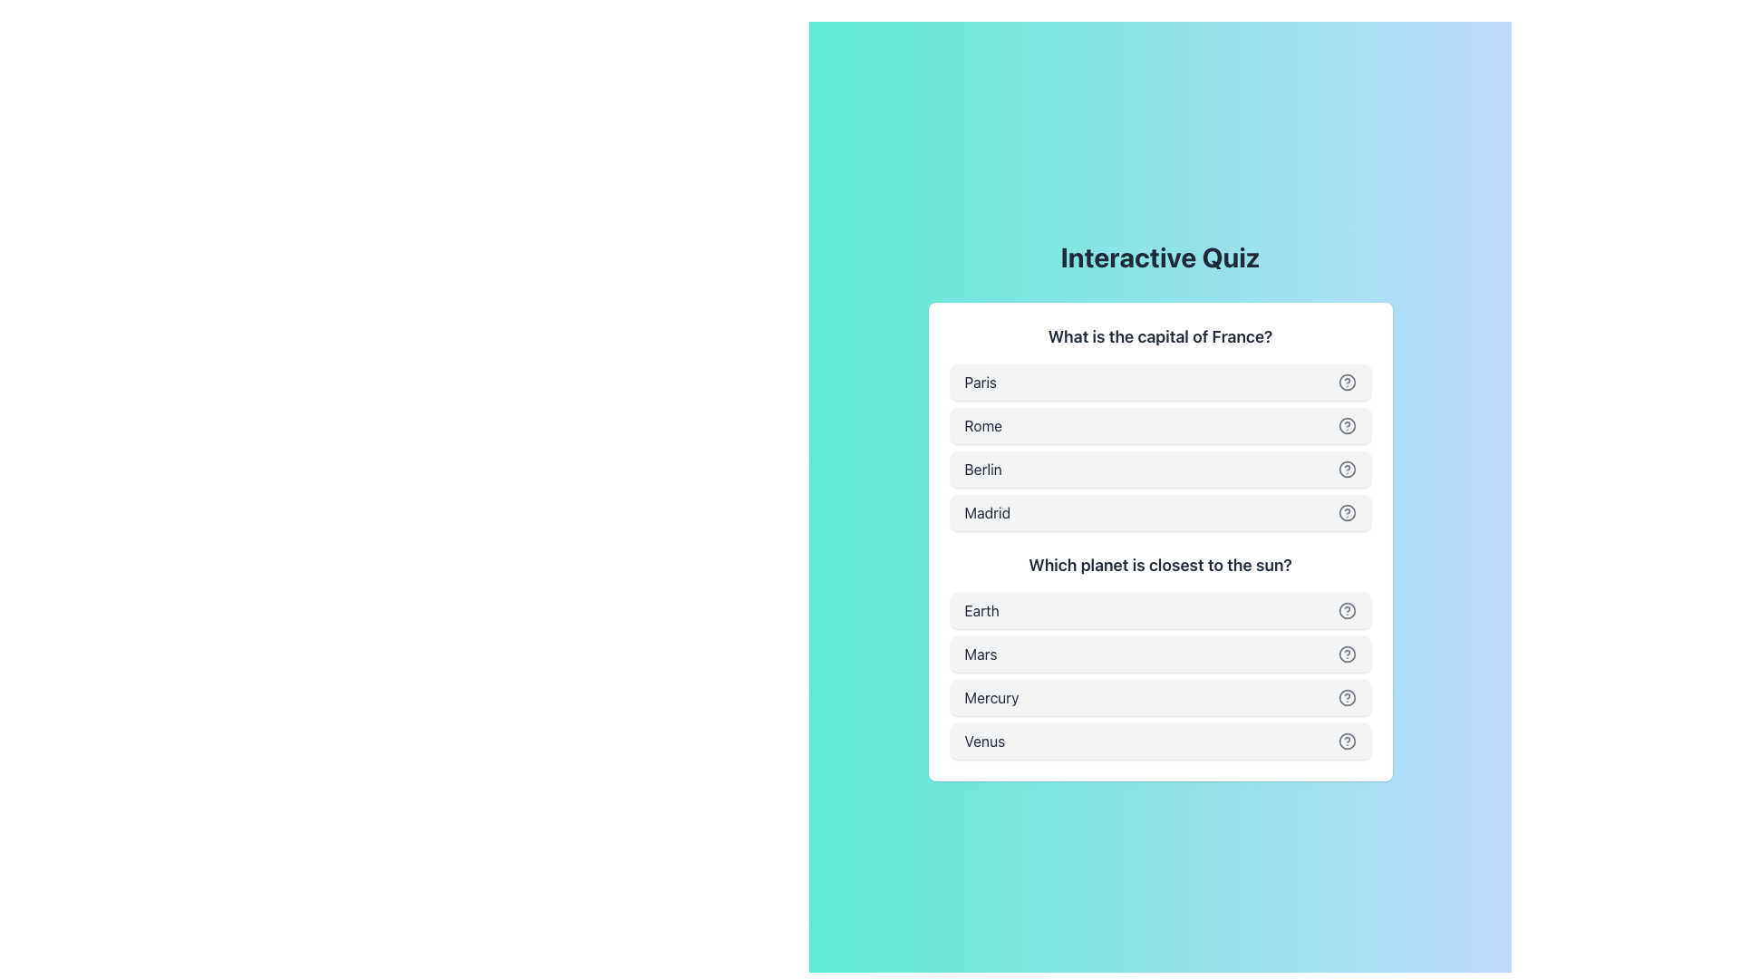 Image resolution: width=1740 pixels, height=979 pixels. Describe the element at coordinates (1347, 741) in the screenshot. I see `the Help icon located at the far right of the 'Venus' option` at that location.